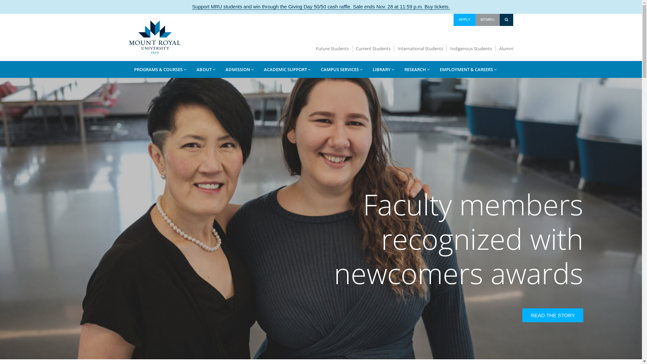 The width and height of the screenshot is (647, 364). Describe the element at coordinates (464, 19) in the screenshot. I see `'APPLY'` at that location.